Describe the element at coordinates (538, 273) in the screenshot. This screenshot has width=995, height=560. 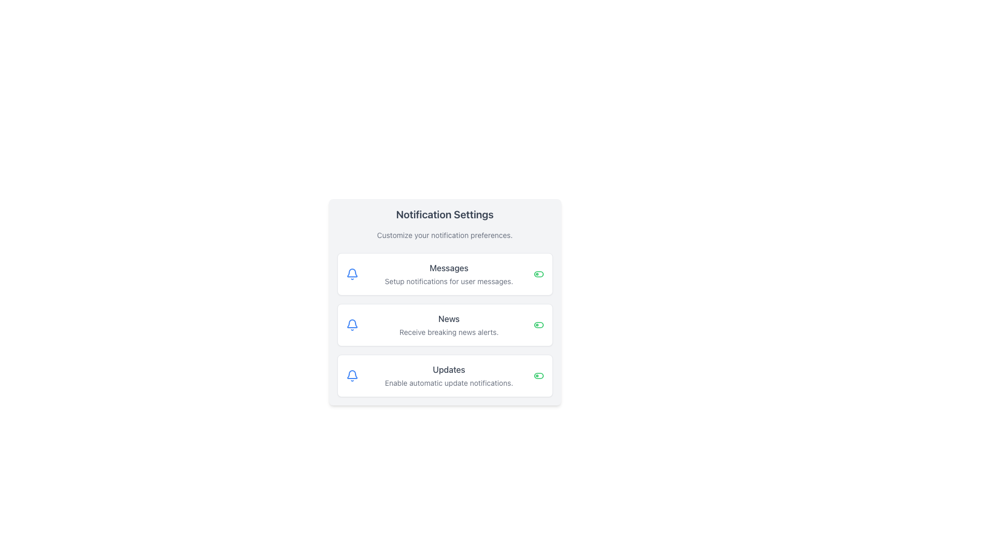
I see `the toggle switch for 'Messages' to enable keyboard interaction` at that location.